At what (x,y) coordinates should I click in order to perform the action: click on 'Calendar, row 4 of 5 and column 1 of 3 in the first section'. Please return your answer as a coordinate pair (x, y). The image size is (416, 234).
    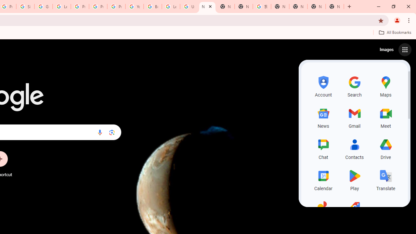
    Looking at the image, I should click on (323, 179).